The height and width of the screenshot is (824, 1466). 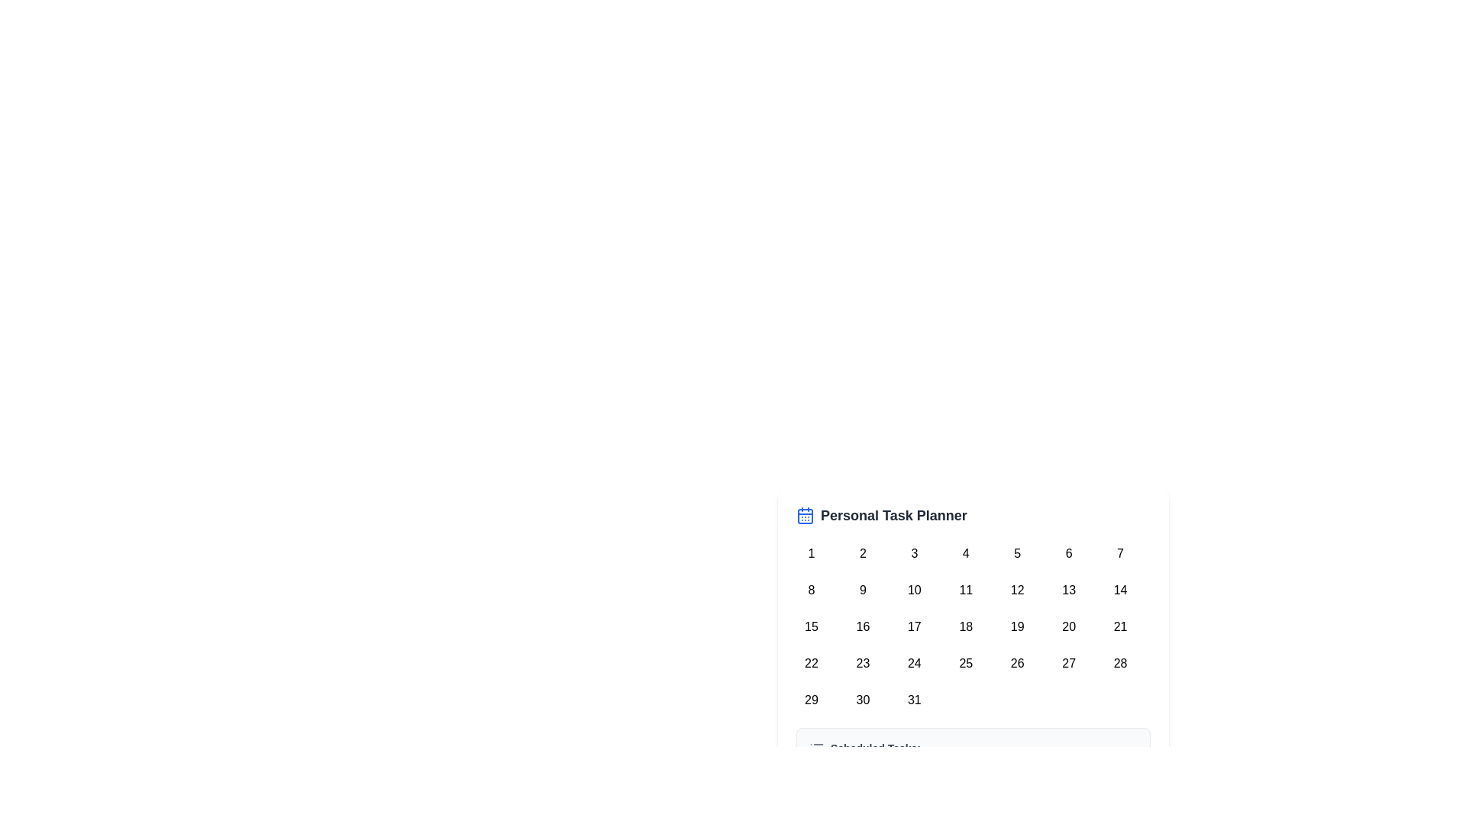 I want to click on the button representing a date in the calendar interface, so click(x=1017, y=553).